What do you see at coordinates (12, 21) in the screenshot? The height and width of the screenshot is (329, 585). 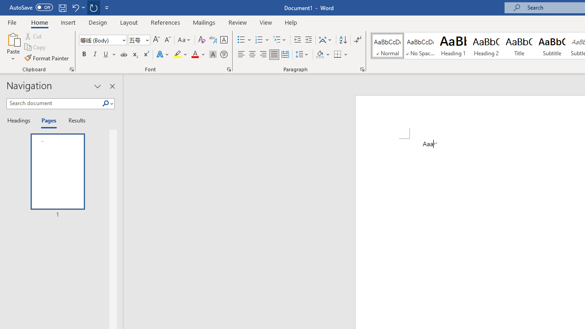 I see `'File Tab'` at bounding box center [12, 21].